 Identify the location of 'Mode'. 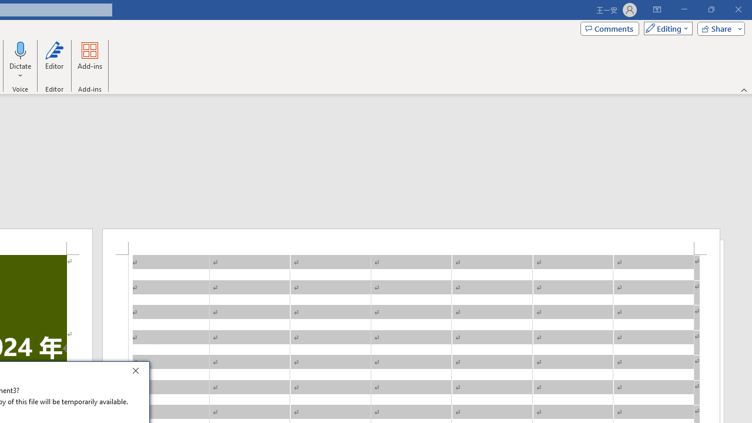
(666, 28).